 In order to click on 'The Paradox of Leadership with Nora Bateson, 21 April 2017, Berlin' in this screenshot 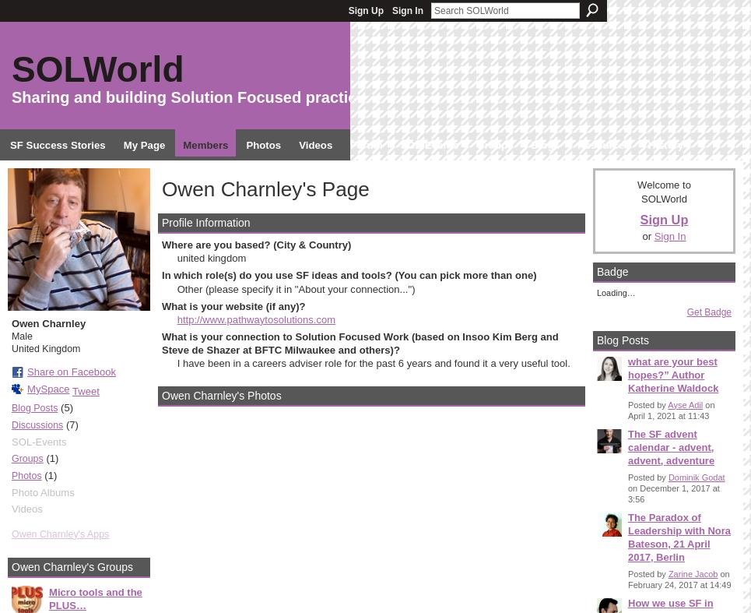, I will do `click(679, 537)`.